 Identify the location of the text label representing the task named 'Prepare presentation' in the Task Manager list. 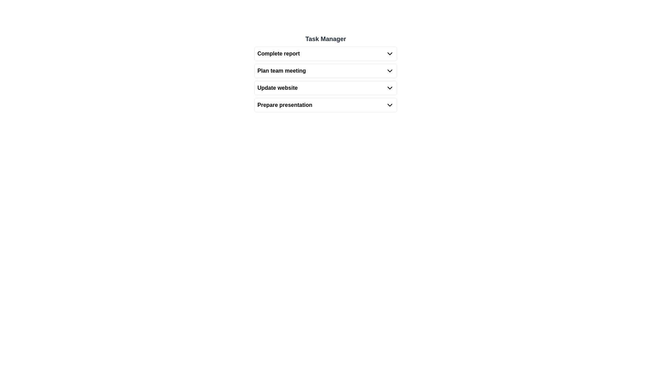
(285, 105).